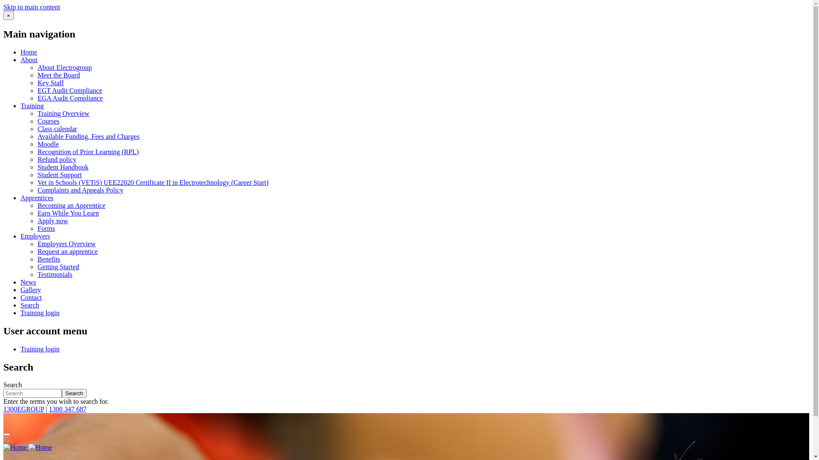 The height and width of the screenshot is (460, 819). Describe the element at coordinates (37, 113) in the screenshot. I see `'Training Overview'` at that location.